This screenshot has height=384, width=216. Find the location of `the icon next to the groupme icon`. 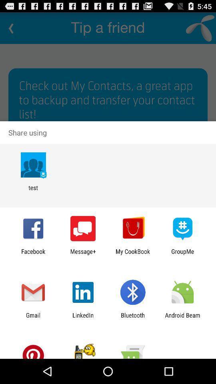

the icon next to the groupme icon is located at coordinates (133, 254).